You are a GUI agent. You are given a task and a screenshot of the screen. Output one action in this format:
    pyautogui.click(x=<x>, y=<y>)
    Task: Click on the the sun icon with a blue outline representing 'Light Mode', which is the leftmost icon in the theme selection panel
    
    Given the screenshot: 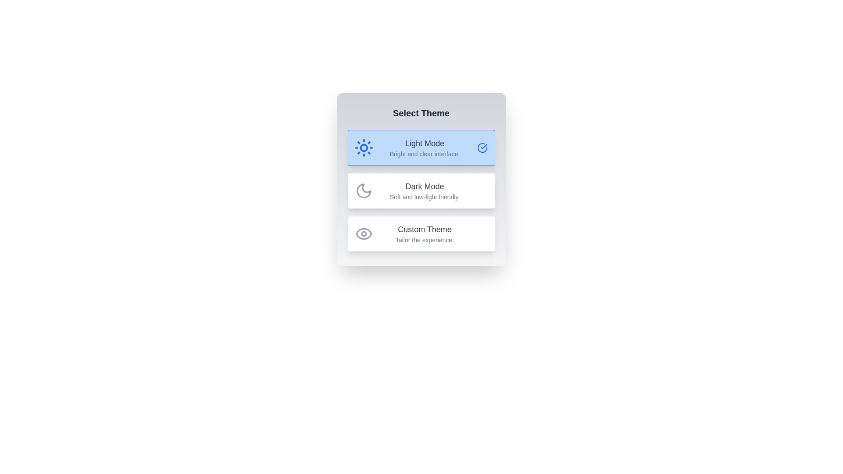 What is the action you would take?
    pyautogui.click(x=364, y=147)
    